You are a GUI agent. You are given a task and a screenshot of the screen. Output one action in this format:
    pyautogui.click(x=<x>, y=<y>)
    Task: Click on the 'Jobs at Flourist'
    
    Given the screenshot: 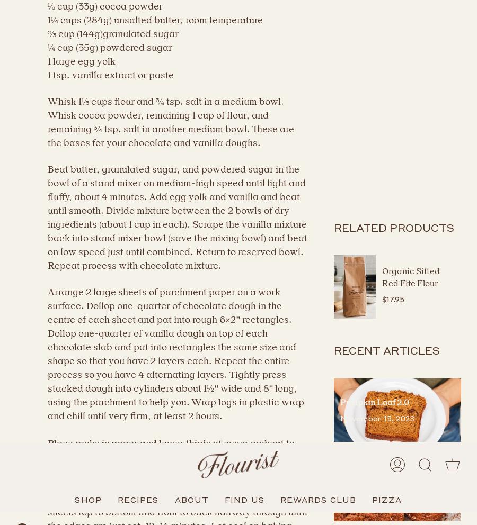 What is the action you would take?
    pyautogui.click(x=56, y=264)
    